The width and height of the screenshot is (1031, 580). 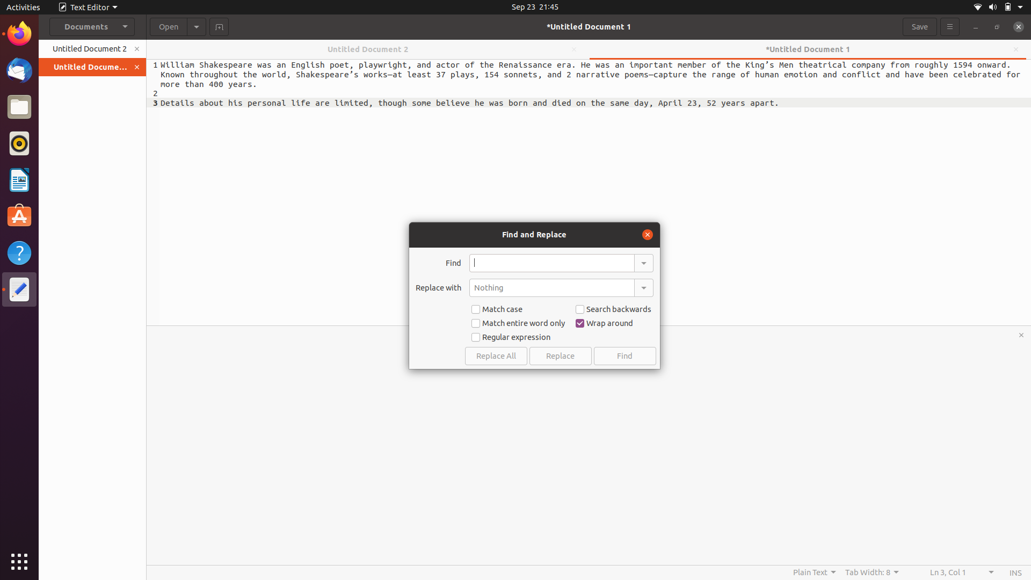 I want to click on Exit from the find and replace toolbar and minimize the currently open text file, so click(x=646, y=233).